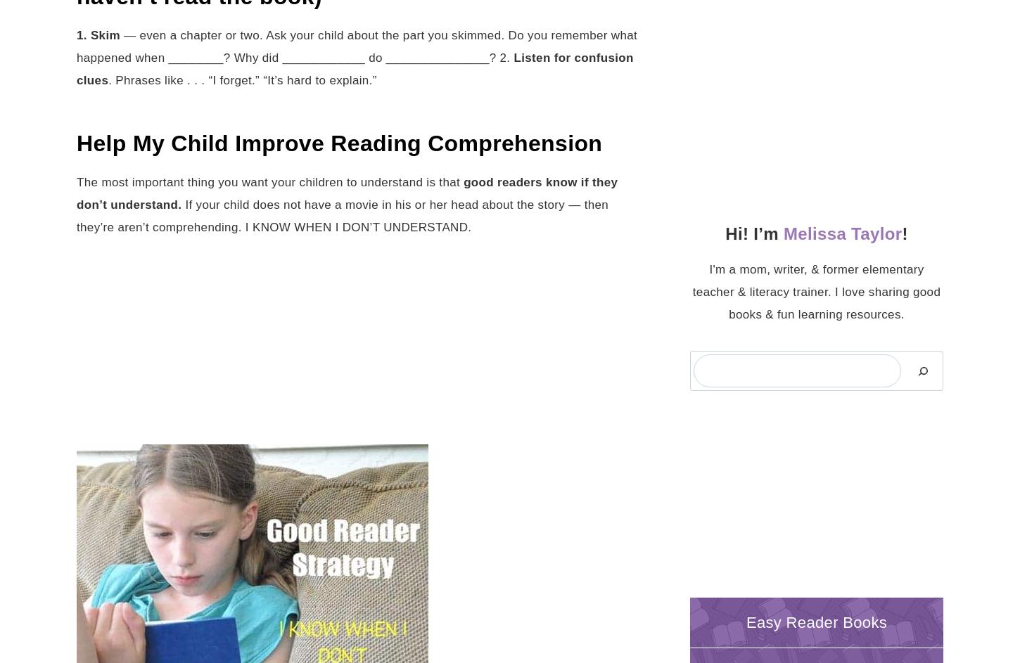 This screenshot has height=663, width=1020. I want to click on 'I'm a mom, writer, & former elementary teacher & literacy trainer. I love sharing good books & fun learning resources.', so click(815, 291).